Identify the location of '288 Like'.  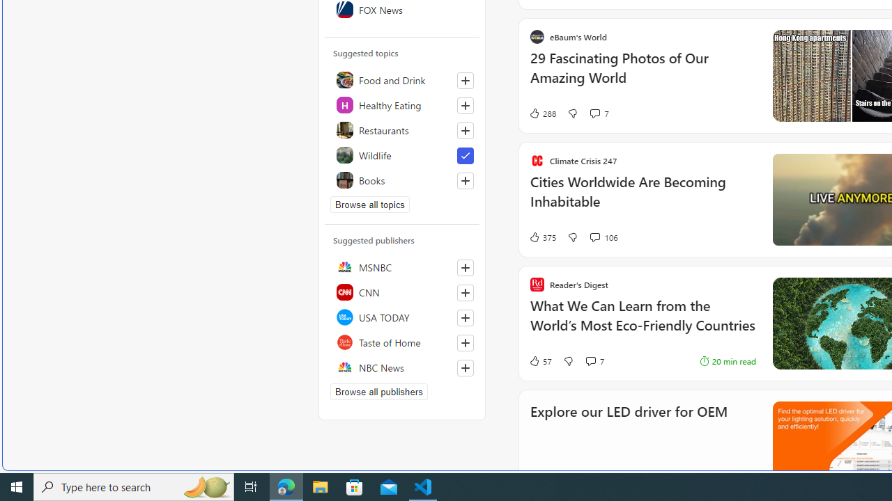
(541, 113).